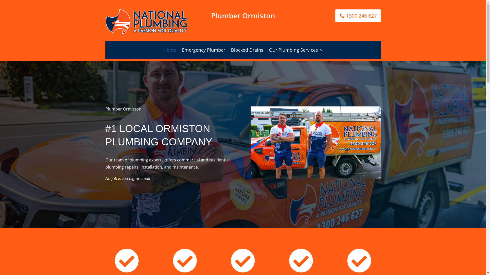  Describe the element at coordinates (145, 21) in the screenshot. I see `'National Plumbing Ormiston'` at that location.